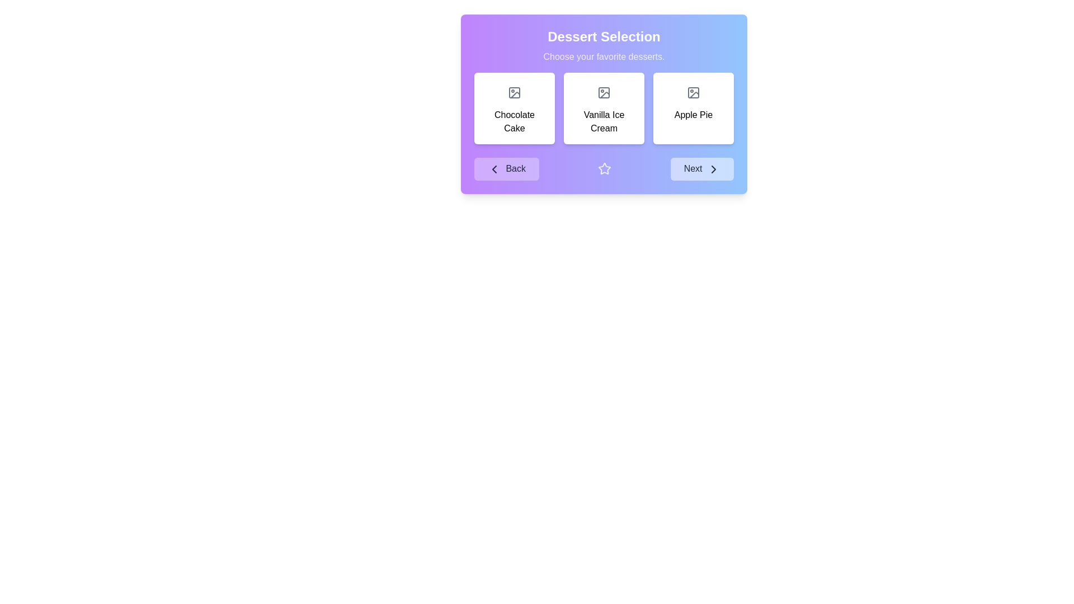 Image resolution: width=1074 pixels, height=604 pixels. I want to click on the representative icon for 'Chocolate Cake' located at the top-center of the card within the 'Dessert Selection' panel, so click(514, 92).